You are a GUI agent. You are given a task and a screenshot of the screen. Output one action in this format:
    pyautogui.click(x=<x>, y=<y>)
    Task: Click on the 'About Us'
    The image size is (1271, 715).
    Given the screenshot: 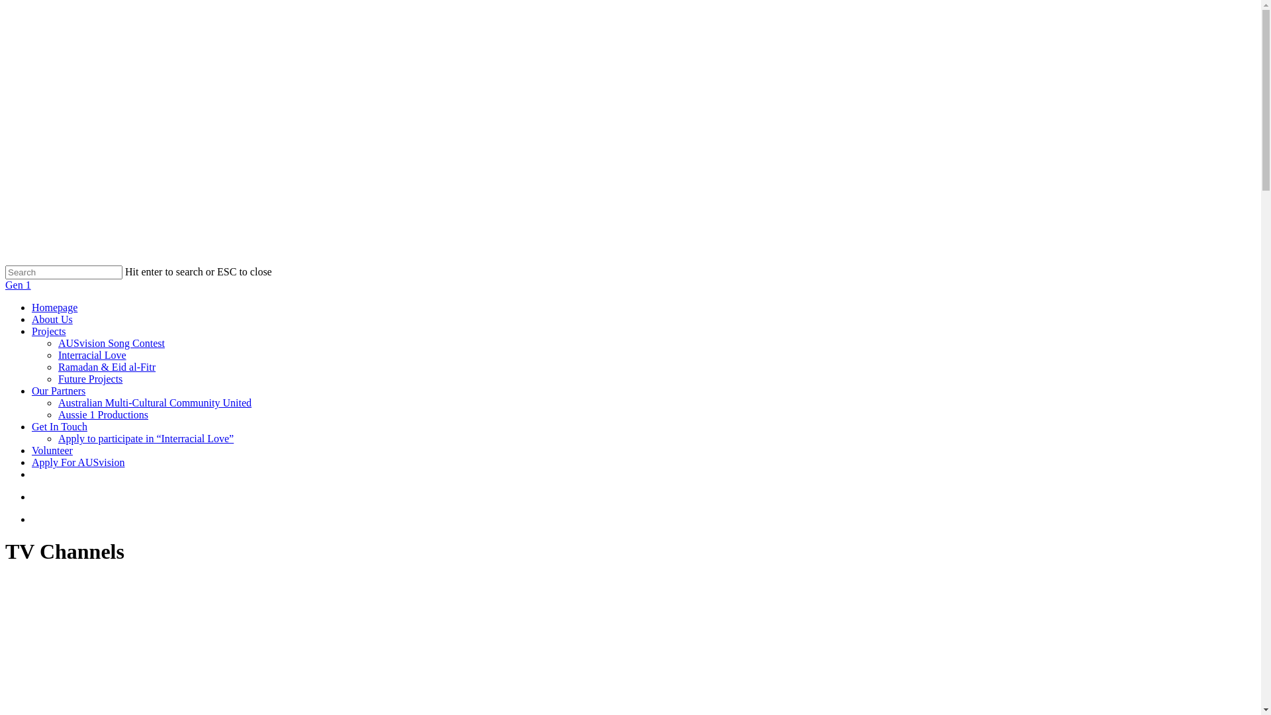 What is the action you would take?
    pyautogui.click(x=52, y=319)
    